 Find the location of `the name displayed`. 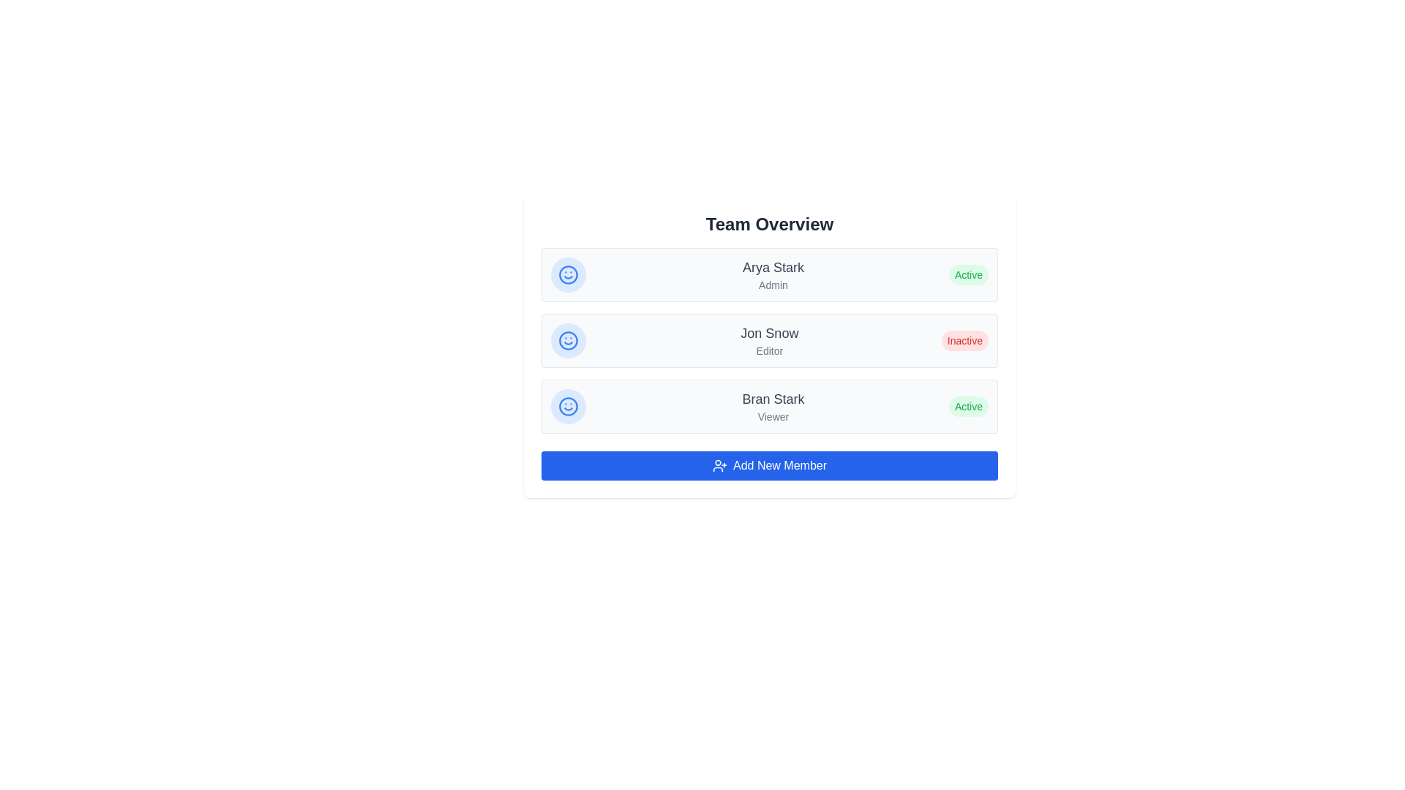

the name displayed is located at coordinates (768, 333).